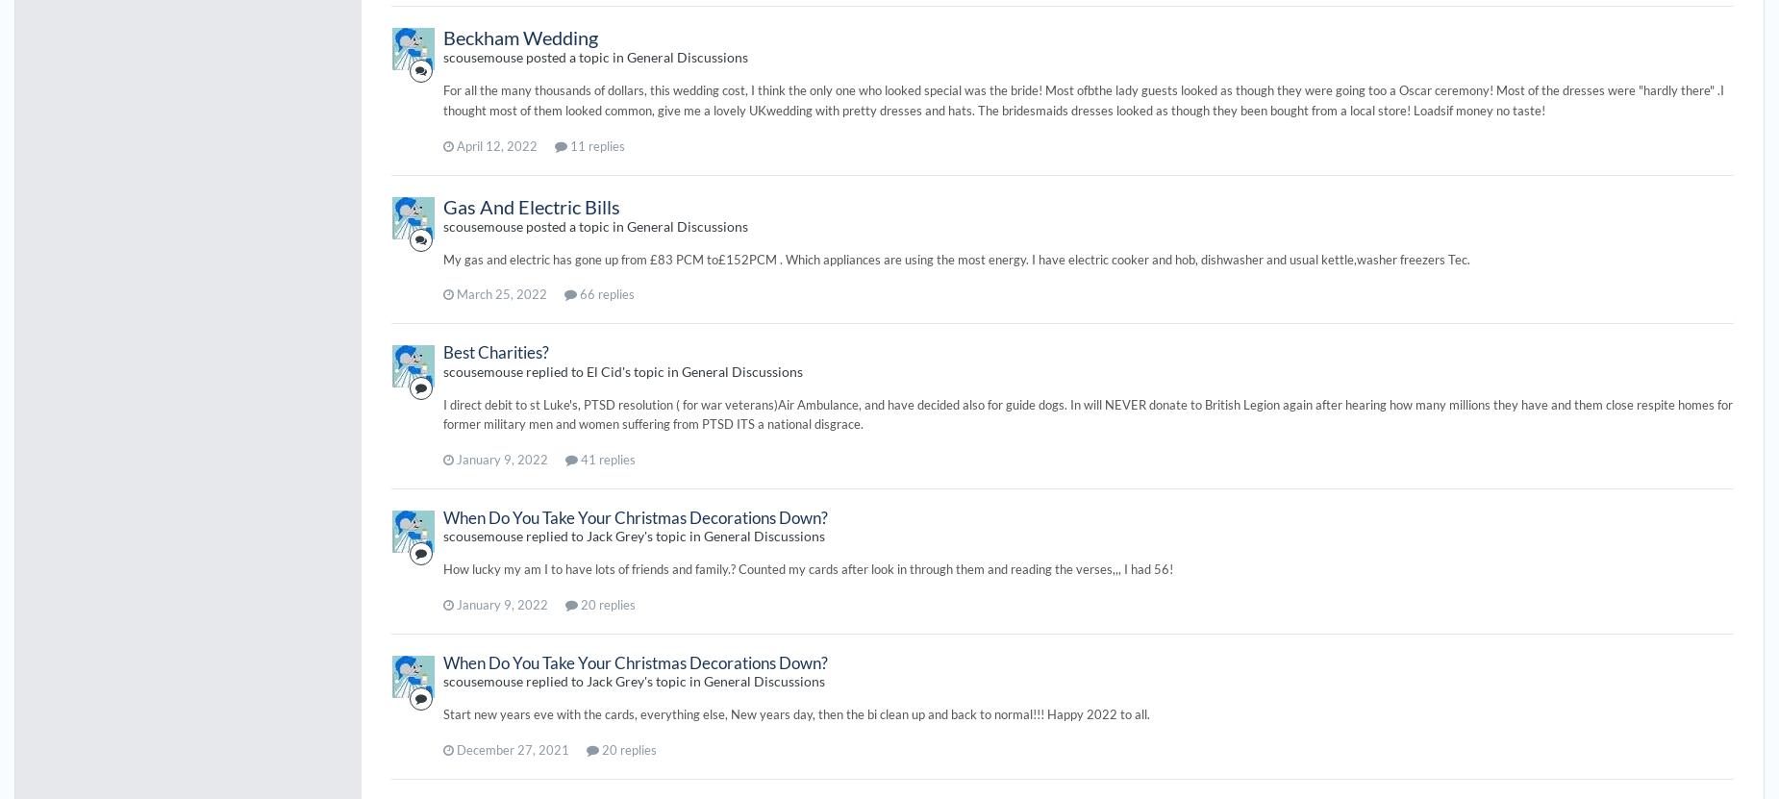 This screenshot has width=1779, height=799. What do you see at coordinates (513, 748) in the screenshot?
I see `'December 27, 2021'` at bounding box center [513, 748].